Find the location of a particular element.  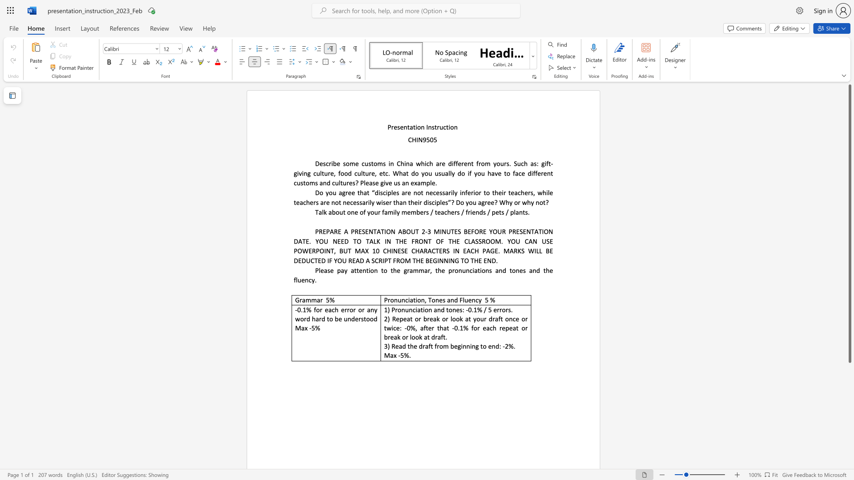

the scrollbar to move the page down is located at coordinates (849, 440).